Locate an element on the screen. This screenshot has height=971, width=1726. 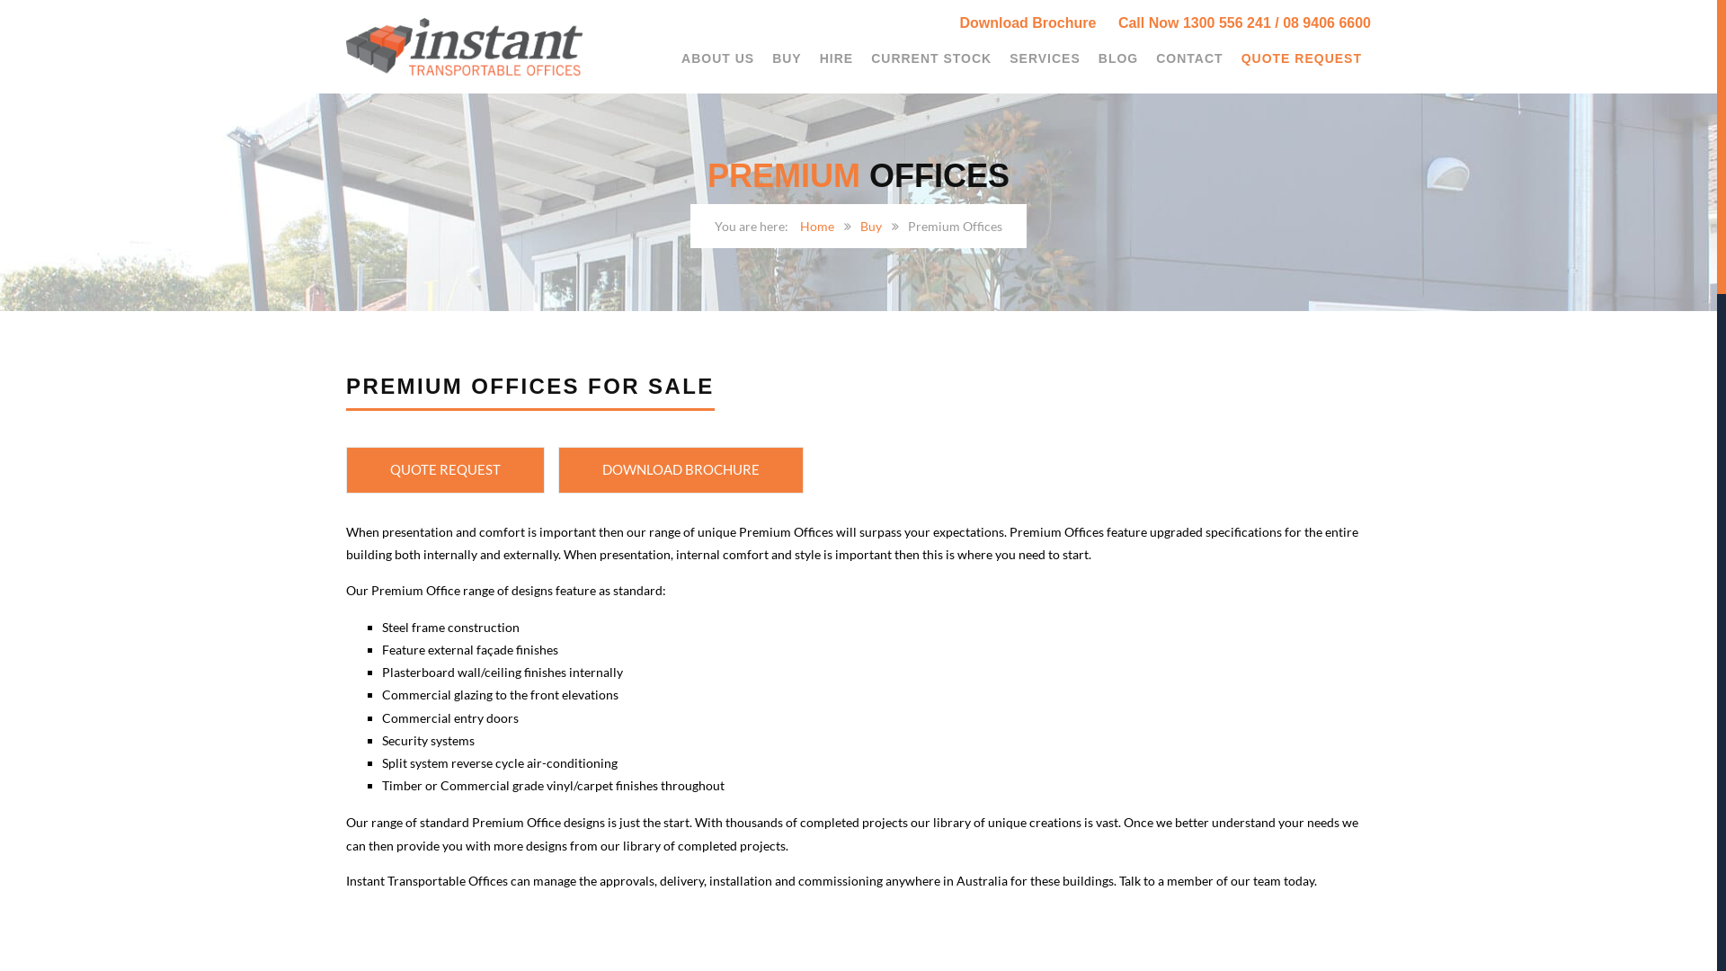
'ABOUT US' is located at coordinates (716, 58).